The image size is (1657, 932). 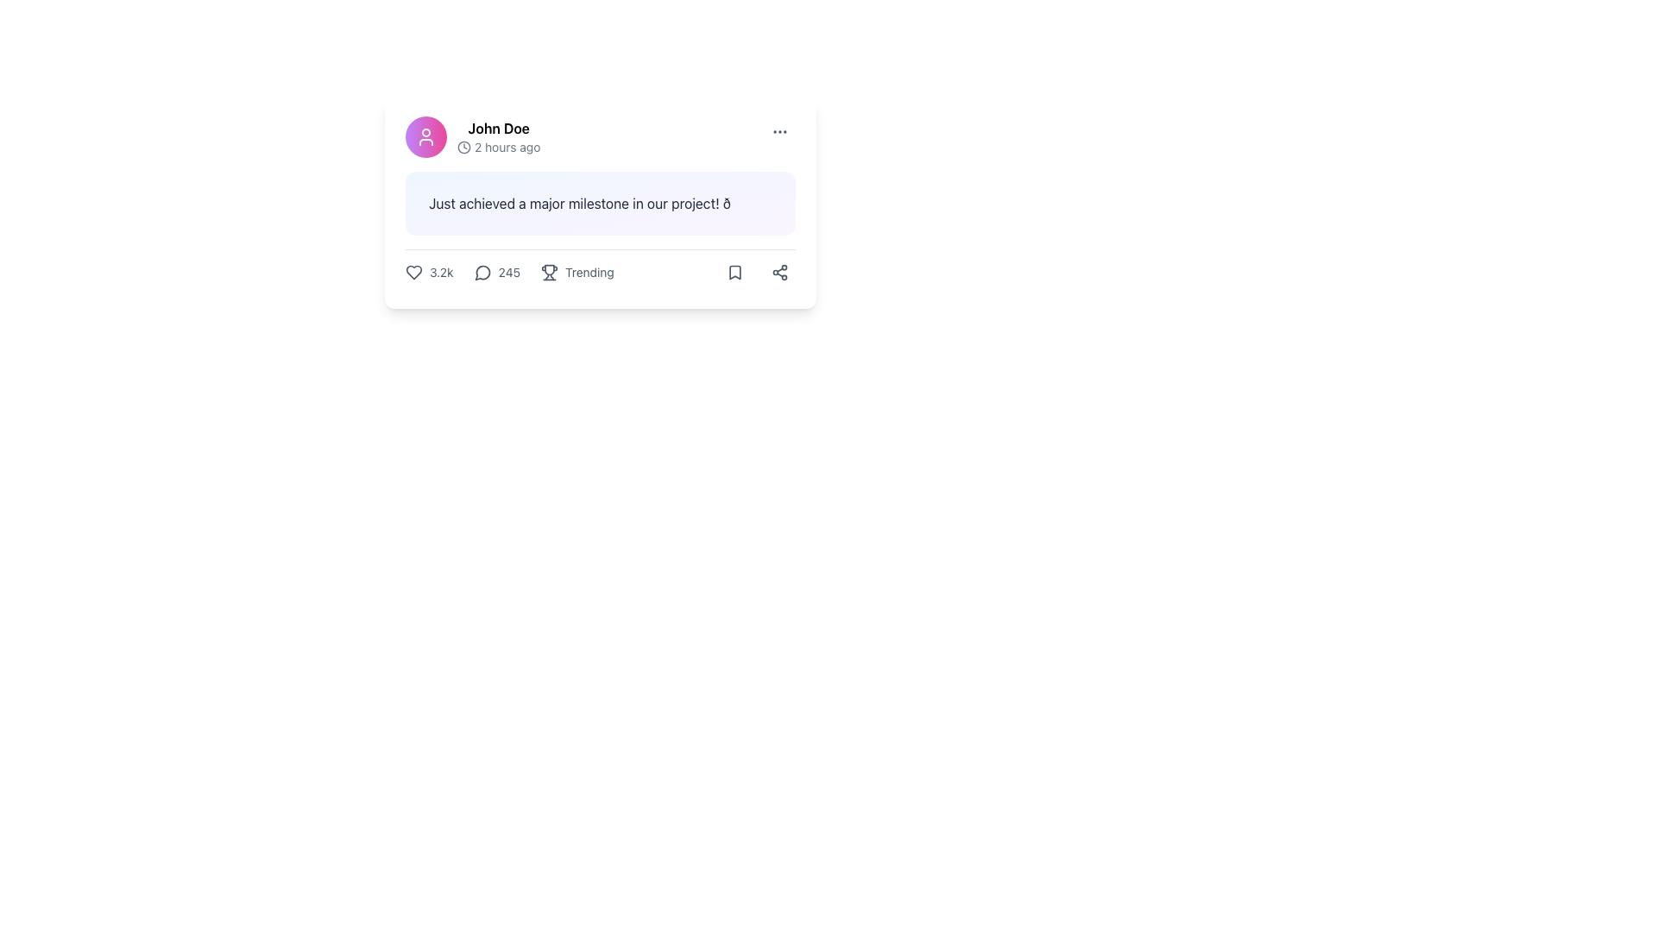 What do you see at coordinates (601, 202) in the screenshot?
I see `the text display box containing the message 'Just achieved a major milestone in our project! 🎉' which has a gradient background and rounded corners, as it links to other actions` at bounding box center [601, 202].